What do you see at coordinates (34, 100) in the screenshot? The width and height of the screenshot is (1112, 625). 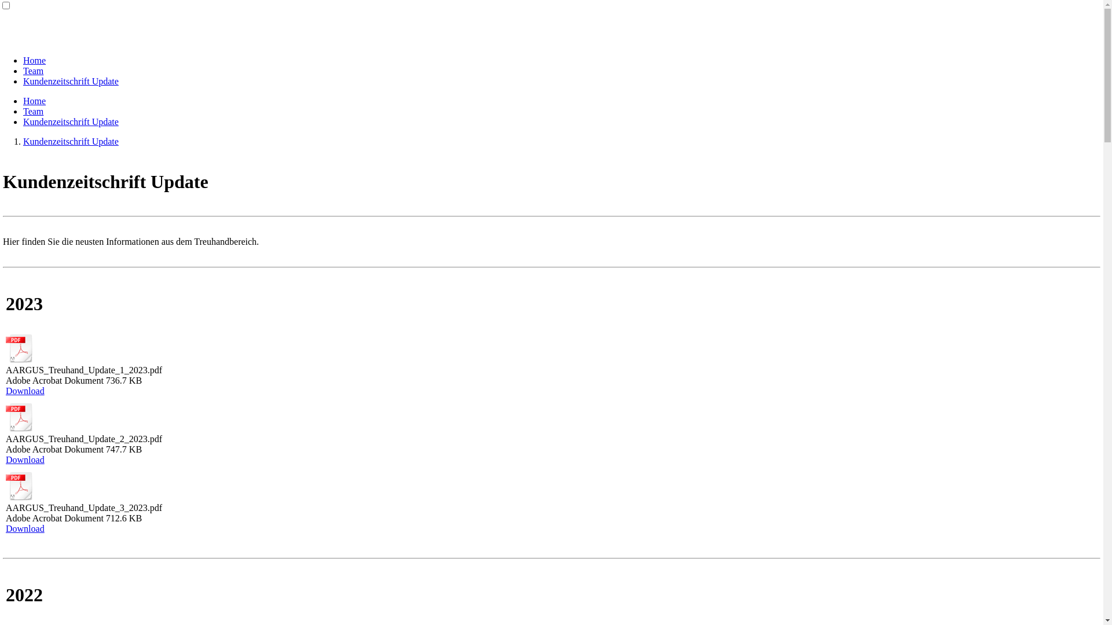 I see `'Home'` at bounding box center [34, 100].